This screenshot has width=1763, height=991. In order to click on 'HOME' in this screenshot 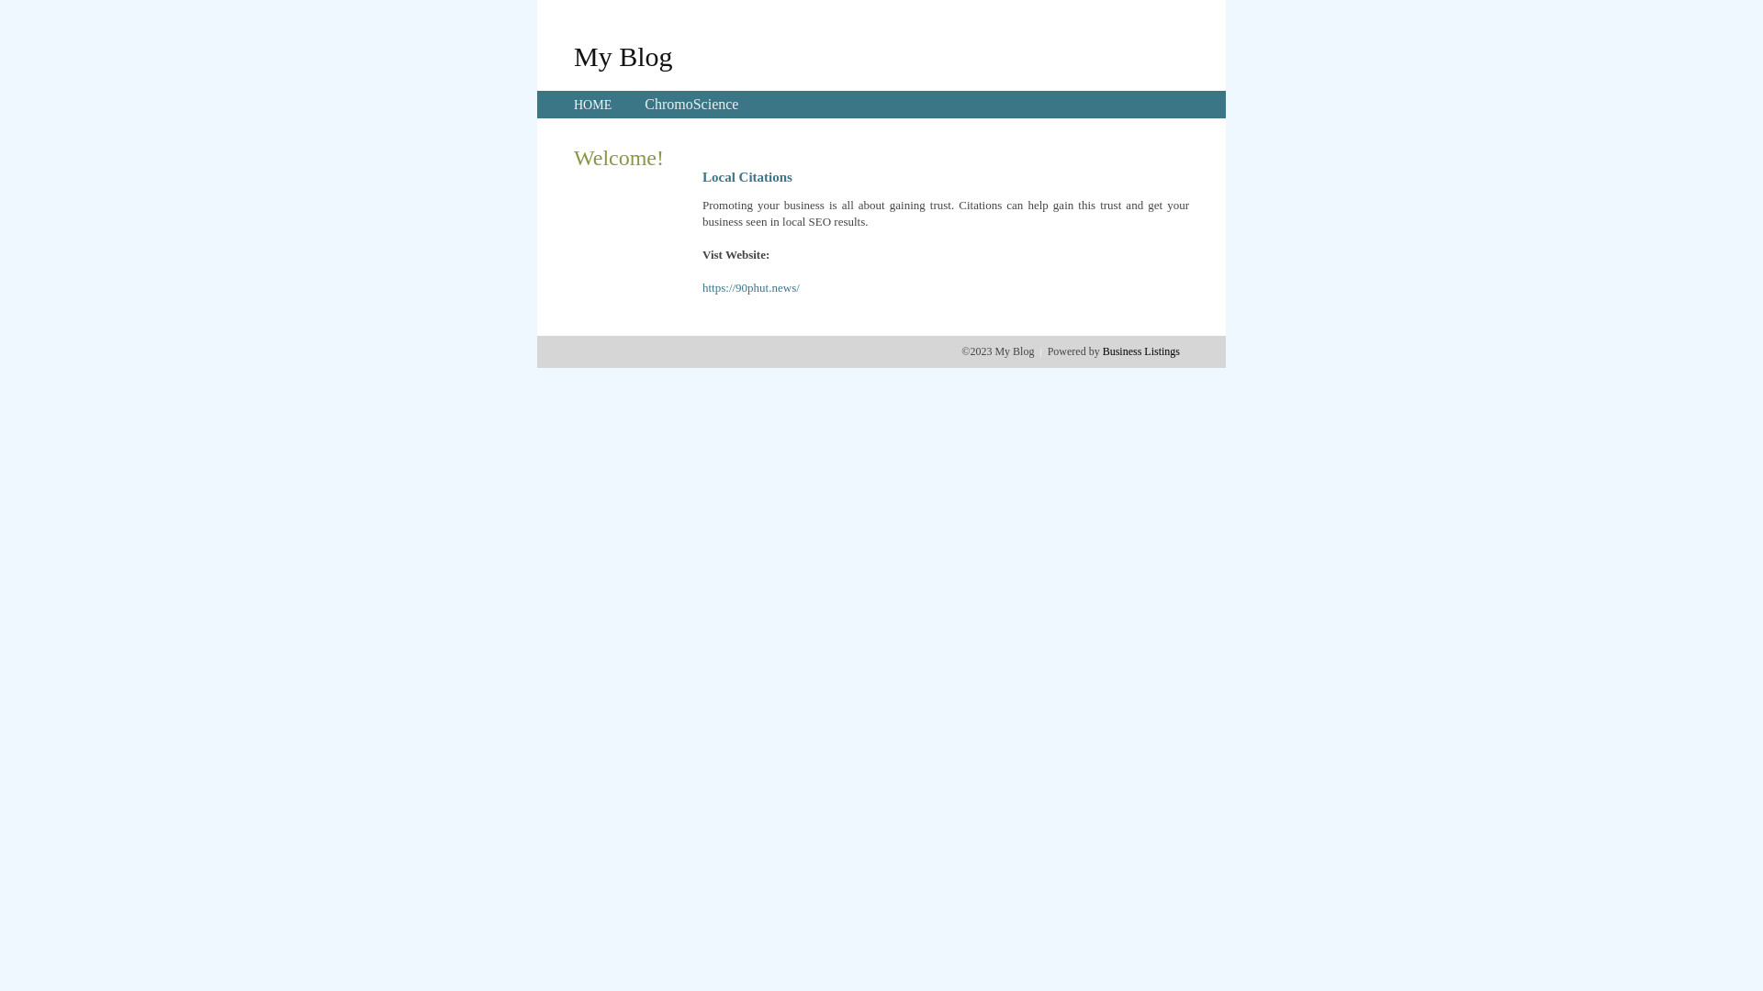, I will do `click(592, 105)`.